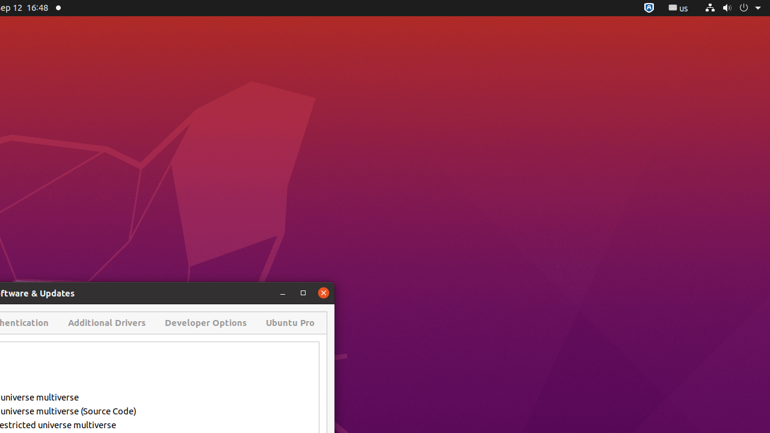 Image resolution: width=770 pixels, height=433 pixels. I want to click on 'Developer Options', so click(206, 322).